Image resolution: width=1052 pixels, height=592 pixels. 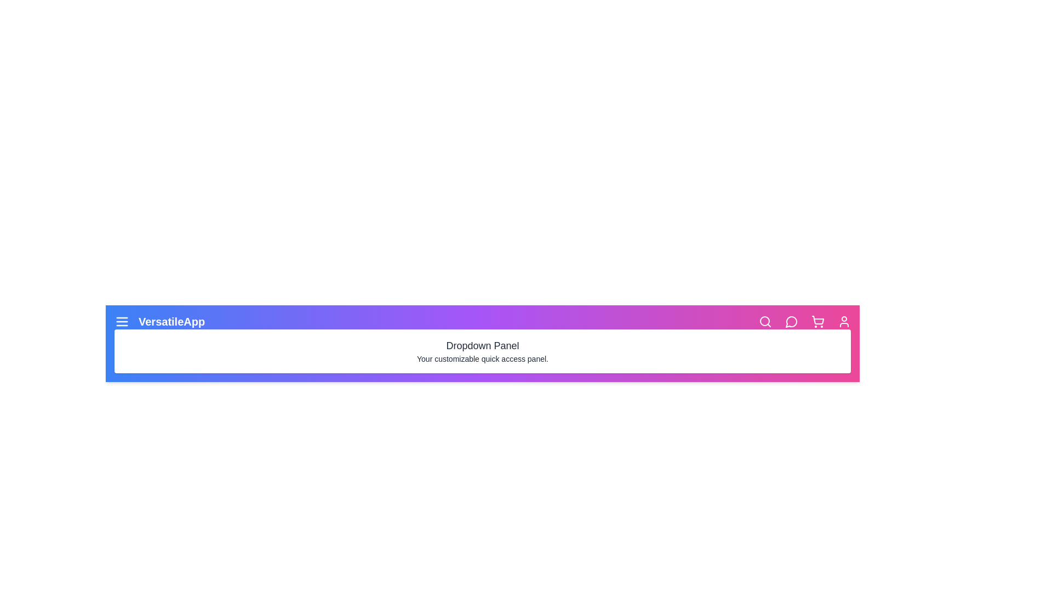 What do you see at coordinates (817, 321) in the screenshot?
I see `the shopping cart icon to view the shopping cart` at bounding box center [817, 321].